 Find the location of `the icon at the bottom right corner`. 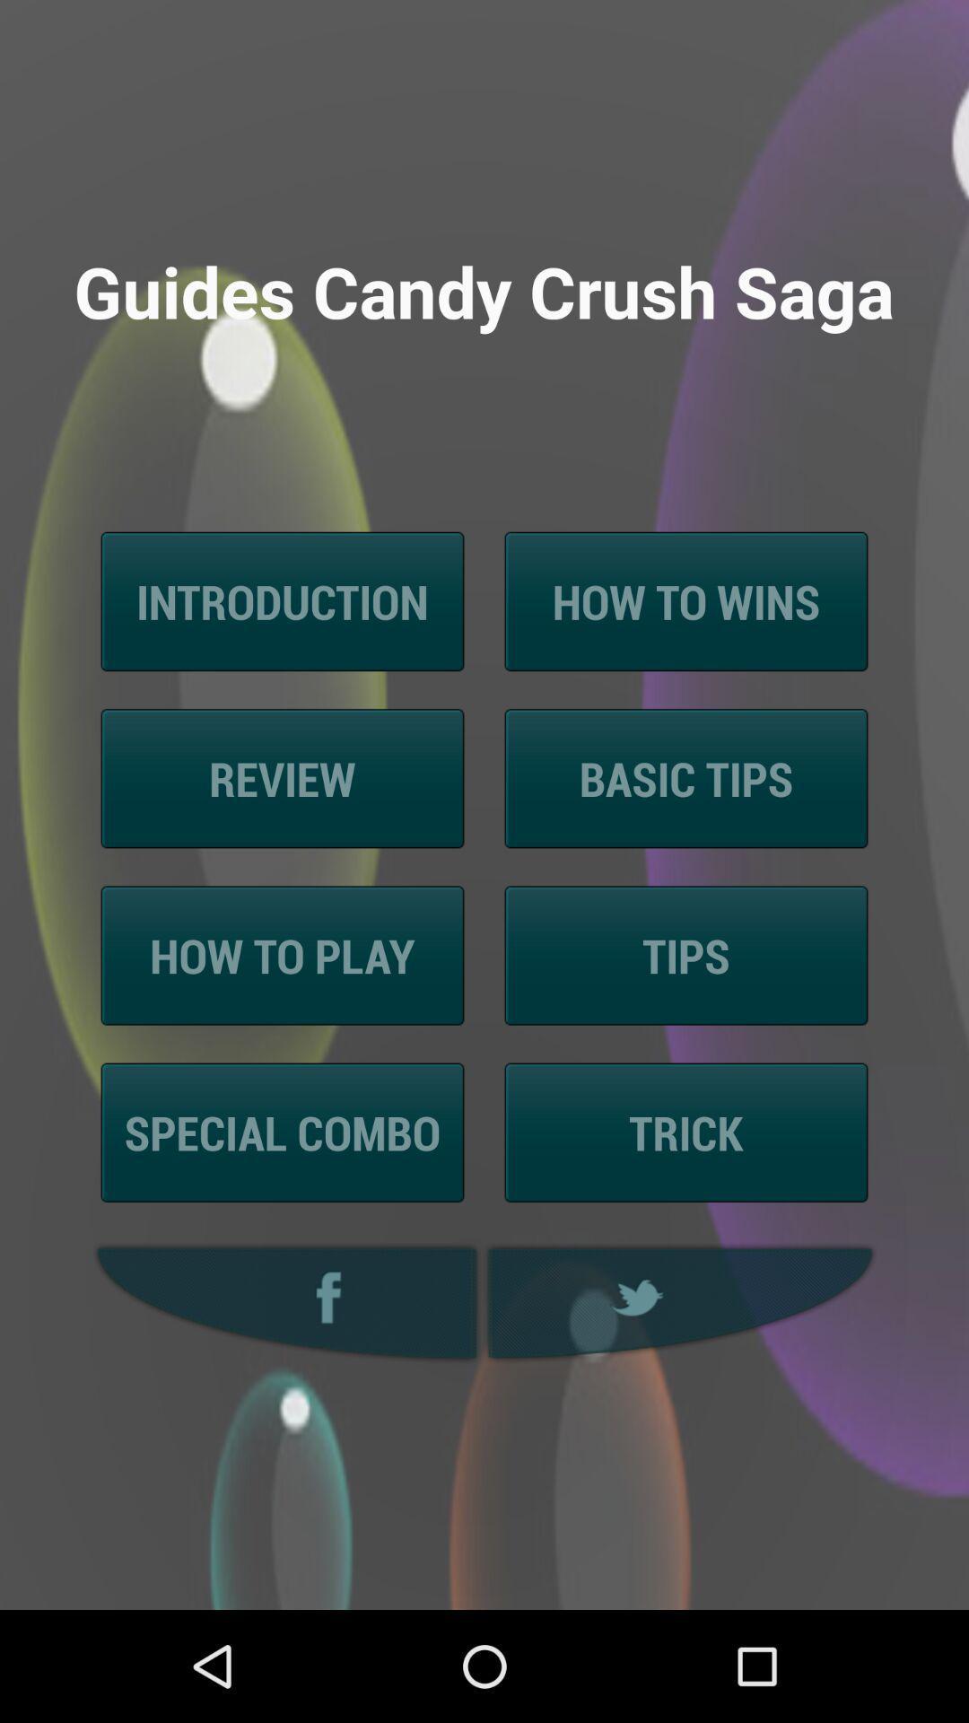

the icon at the bottom right corner is located at coordinates (683, 1303).